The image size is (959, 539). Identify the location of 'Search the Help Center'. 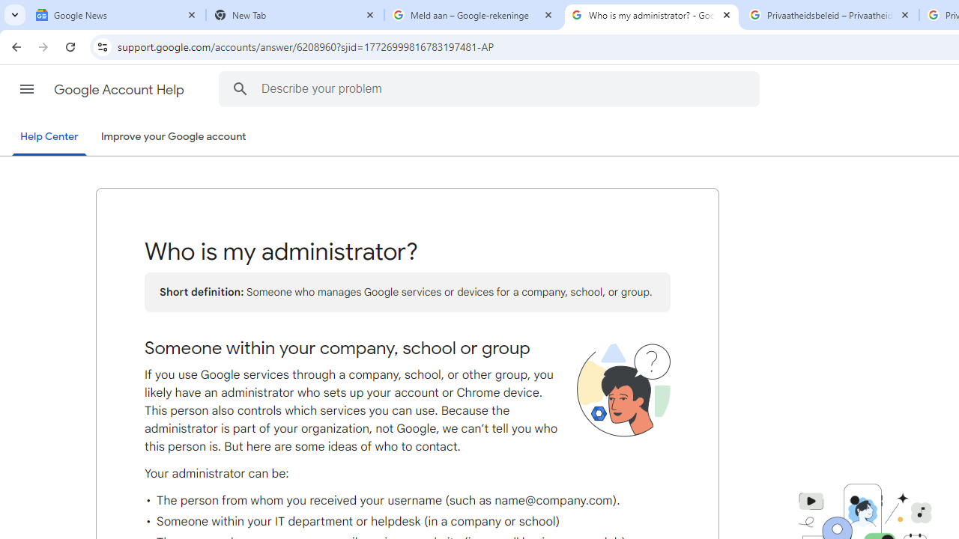
(240, 88).